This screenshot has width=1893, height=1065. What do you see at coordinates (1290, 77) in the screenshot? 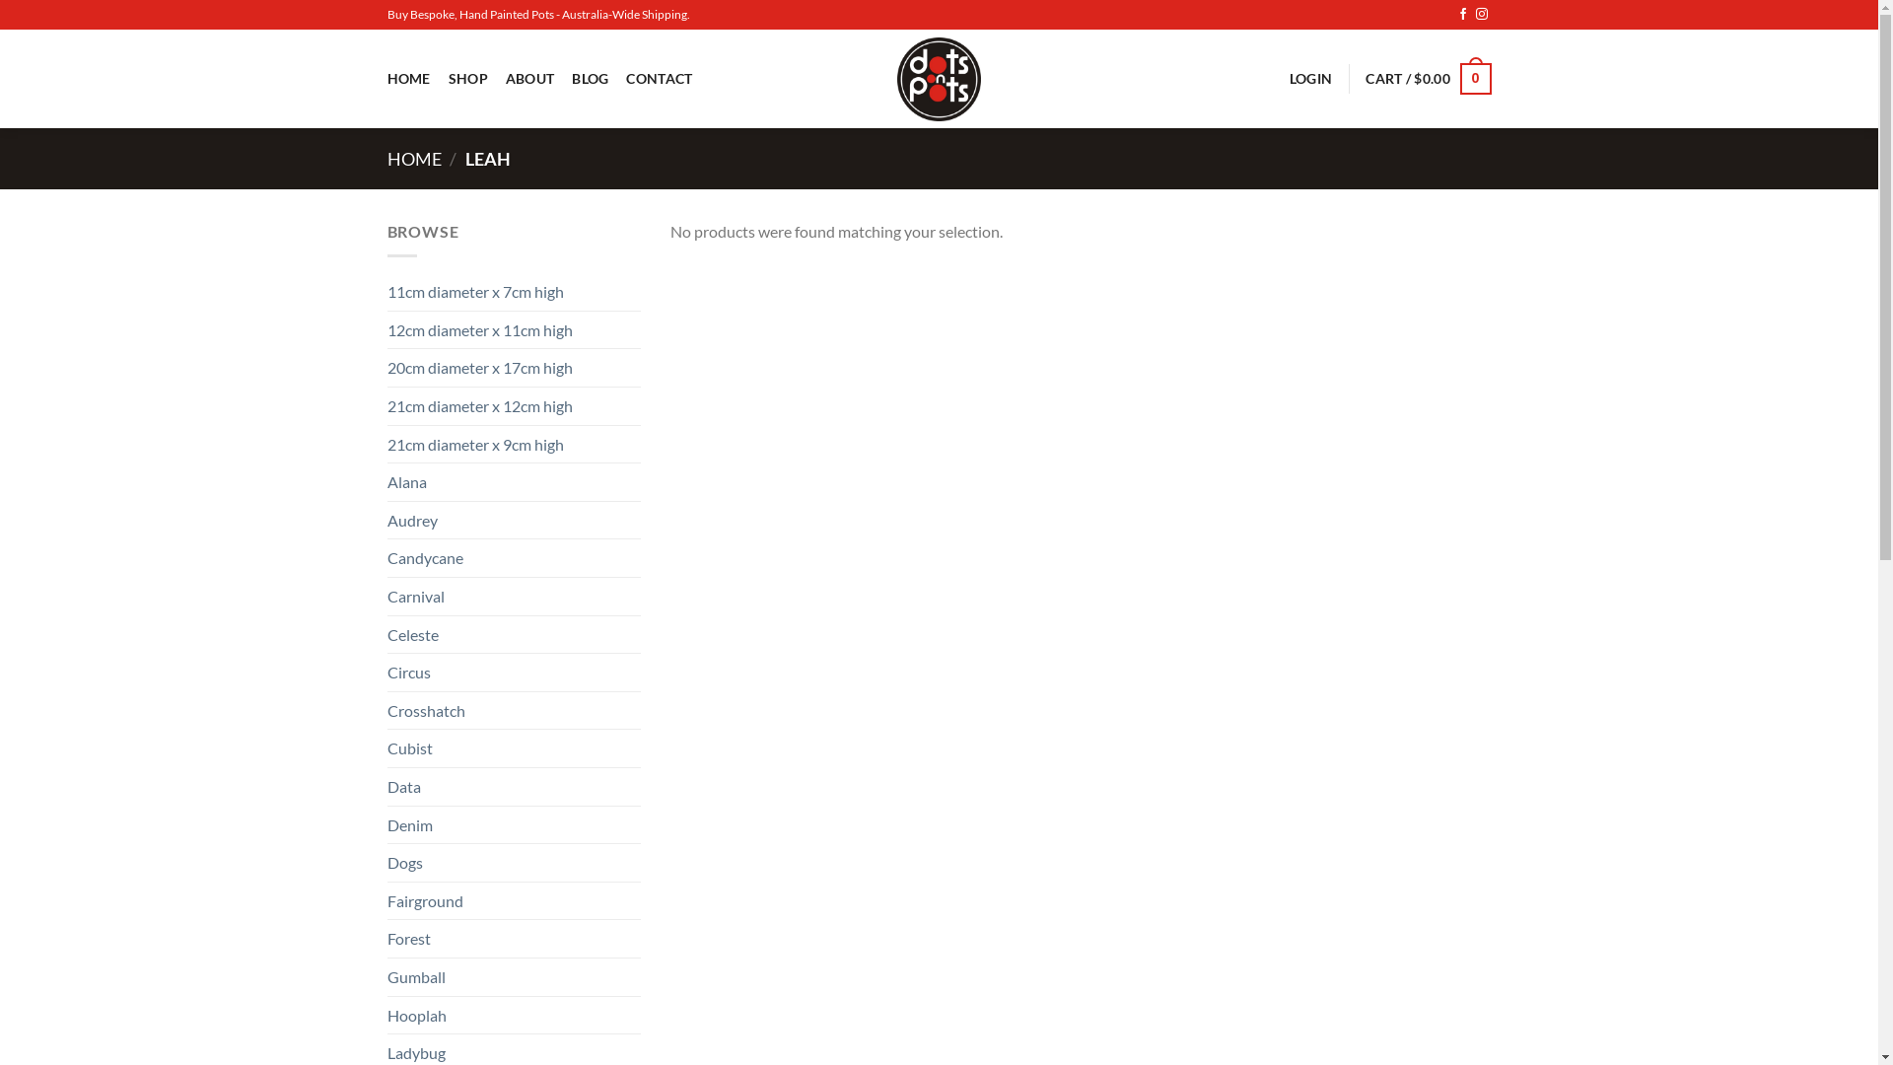
I see `'LOGIN'` at bounding box center [1290, 77].